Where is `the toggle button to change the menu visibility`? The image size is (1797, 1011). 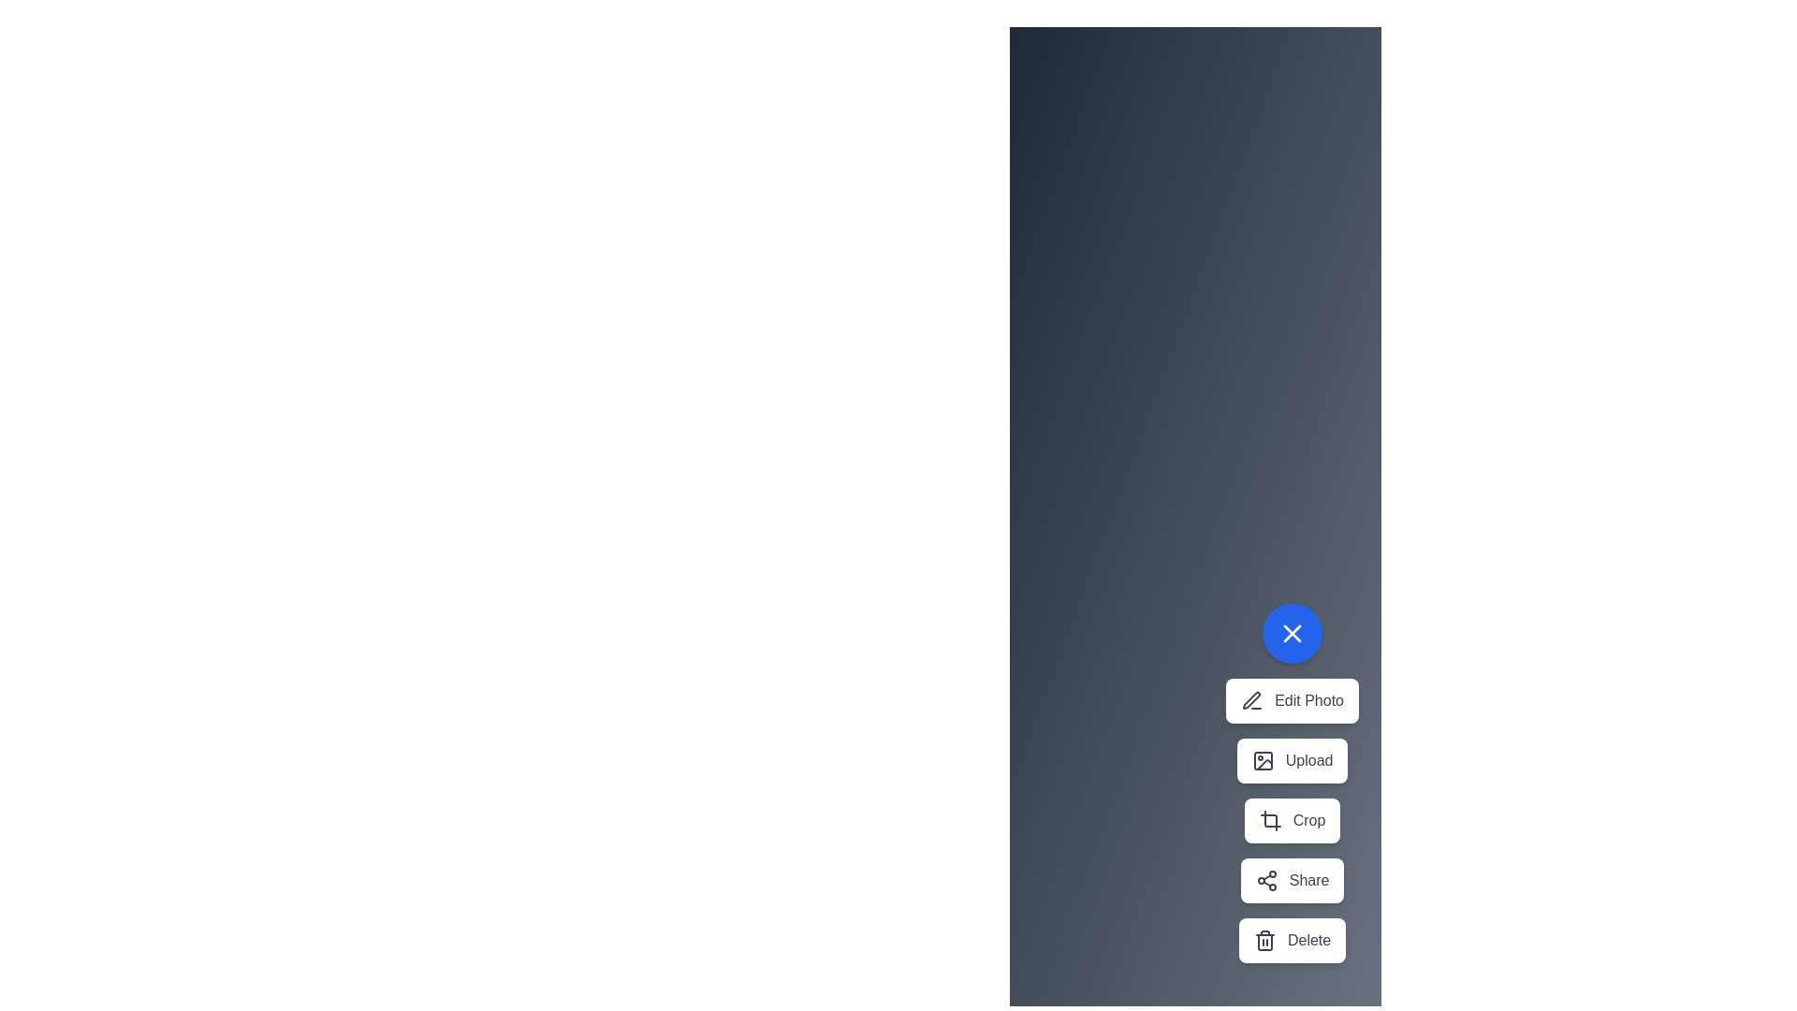 the toggle button to change the menu visibility is located at coordinates (1292, 633).